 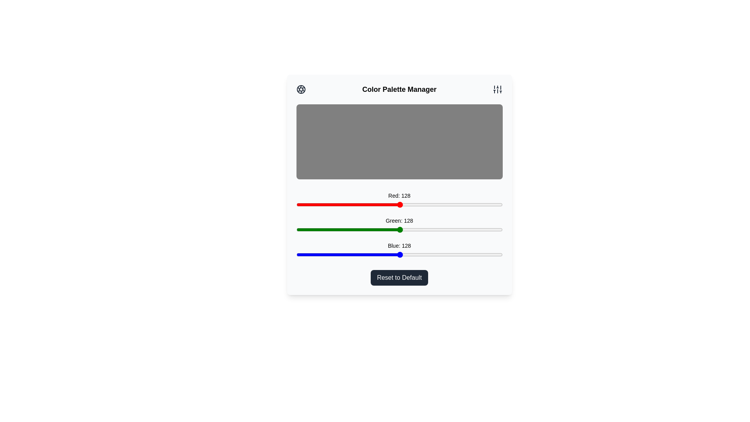 What do you see at coordinates (431, 254) in the screenshot?
I see `the blue slider to set the blue intensity to 167` at bounding box center [431, 254].